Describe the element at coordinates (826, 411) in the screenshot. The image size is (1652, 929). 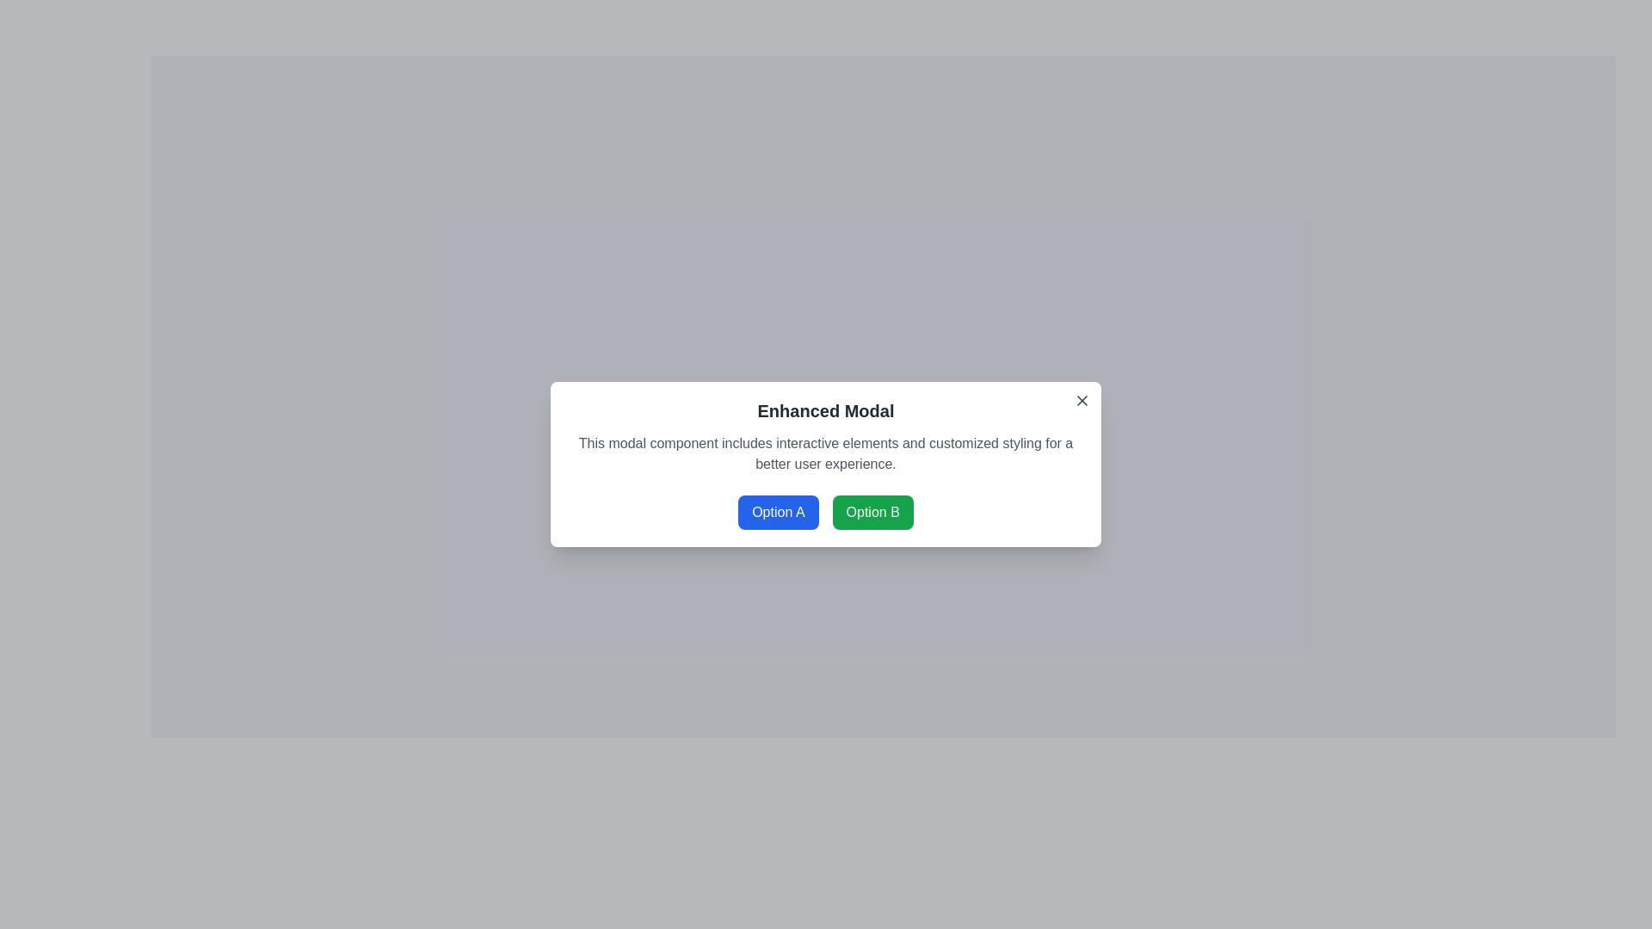
I see `the title text of the modal window, which is located at the top section above the descriptive text and buttons labeled 'Option A' and 'Option B'` at that location.